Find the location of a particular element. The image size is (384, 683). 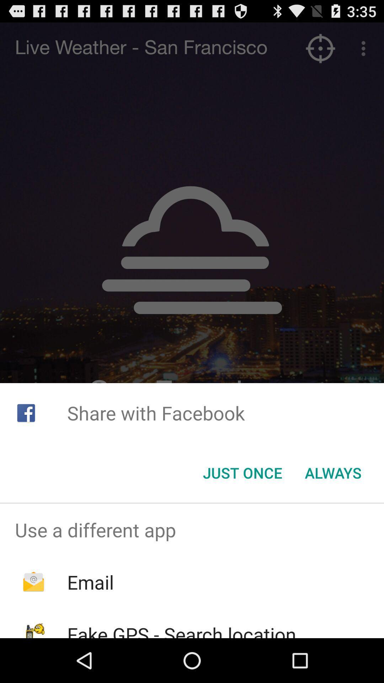

the fake gps search is located at coordinates (181, 630).